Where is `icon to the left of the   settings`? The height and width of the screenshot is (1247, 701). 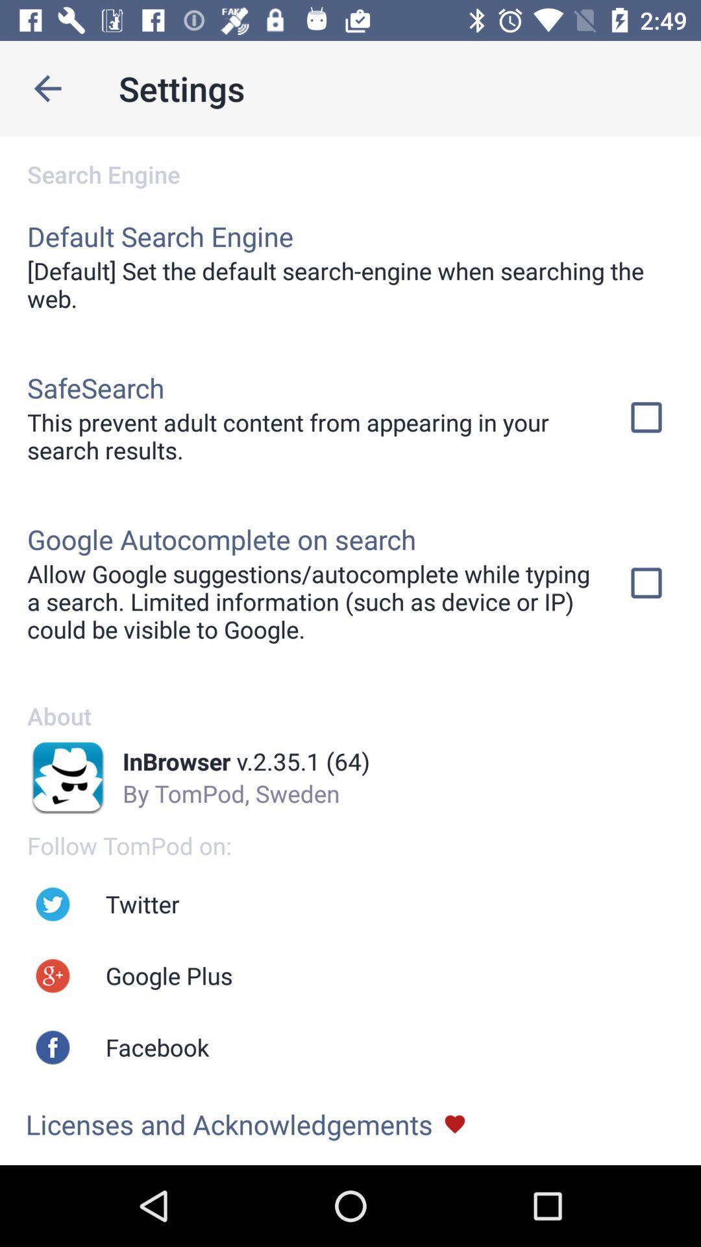
icon to the left of the   settings is located at coordinates (47, 88).